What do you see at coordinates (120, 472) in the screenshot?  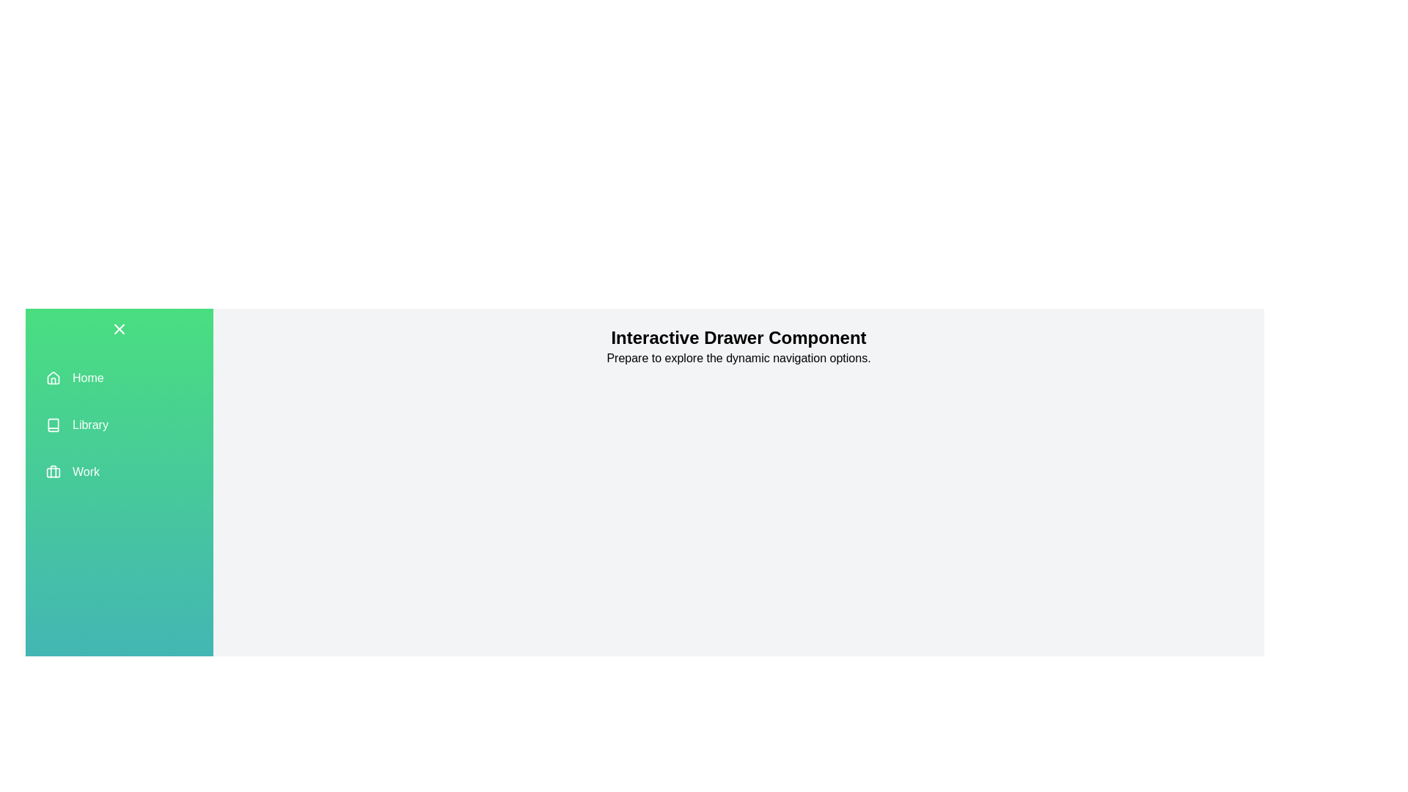 I see `the menu item Work to observe its hover effect` at bounding box center [120, 472].